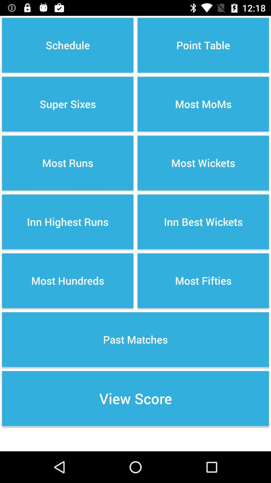  Describe the element at coordinates (135, 398) in the screenshot. I see `view score` at that location.